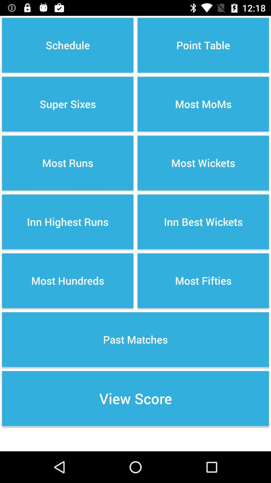  Describe the element at coordinates (135, 398) in the screenshot. I see `view score` at that location.